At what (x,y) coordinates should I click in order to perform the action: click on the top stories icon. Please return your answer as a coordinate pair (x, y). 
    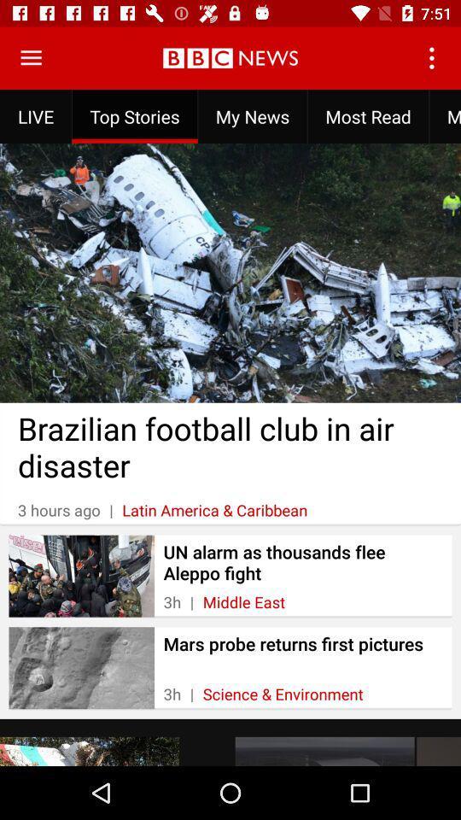
    Looking at the image, I should click on (134, 115).